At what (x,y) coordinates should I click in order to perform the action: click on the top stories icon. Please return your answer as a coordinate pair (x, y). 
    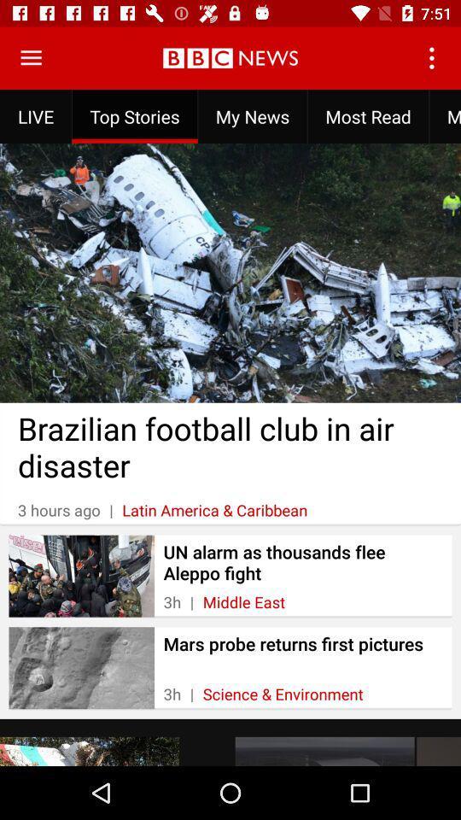
    Looking at the image, I should click on (134, 115).